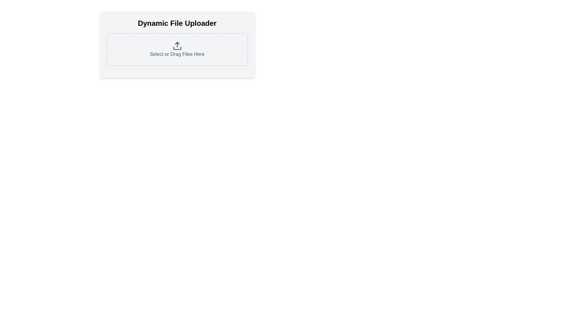 This screenshot has height=328, width=584. I want to click on the Text label that instructs users to select files or drag and drop them into the upload area, located below the upload icon in the dynamic file uploader component, so click(177, 54).